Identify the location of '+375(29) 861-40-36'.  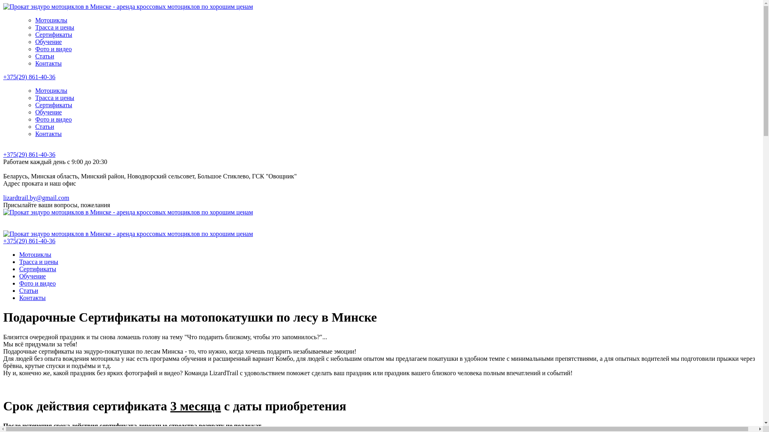
(29, 240).